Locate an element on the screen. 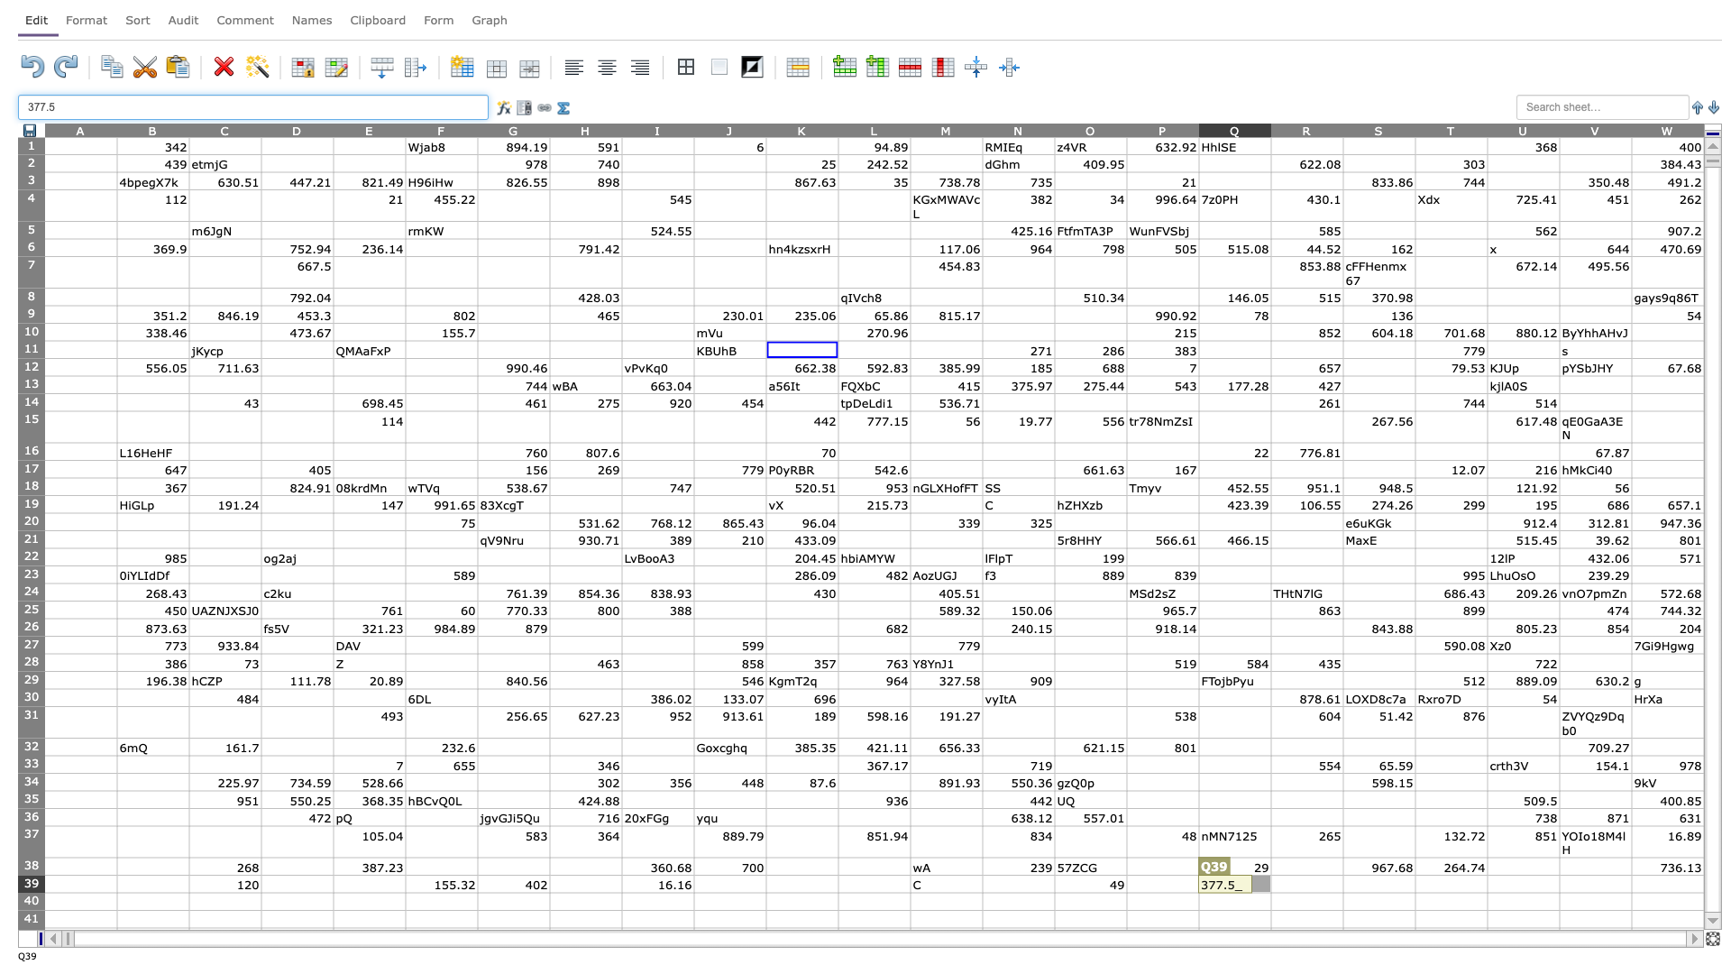 Image resolution: width=1731 pixels, height=974 pixels. Left side boundary of S39 is located at coordinates (1342, 883).